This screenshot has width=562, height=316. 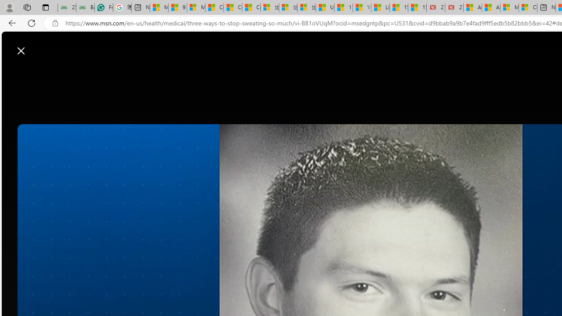 I want to click on '25 Basic Linux Commands For Beginners - GeeksforGeeks', so click(x=66, y=7).